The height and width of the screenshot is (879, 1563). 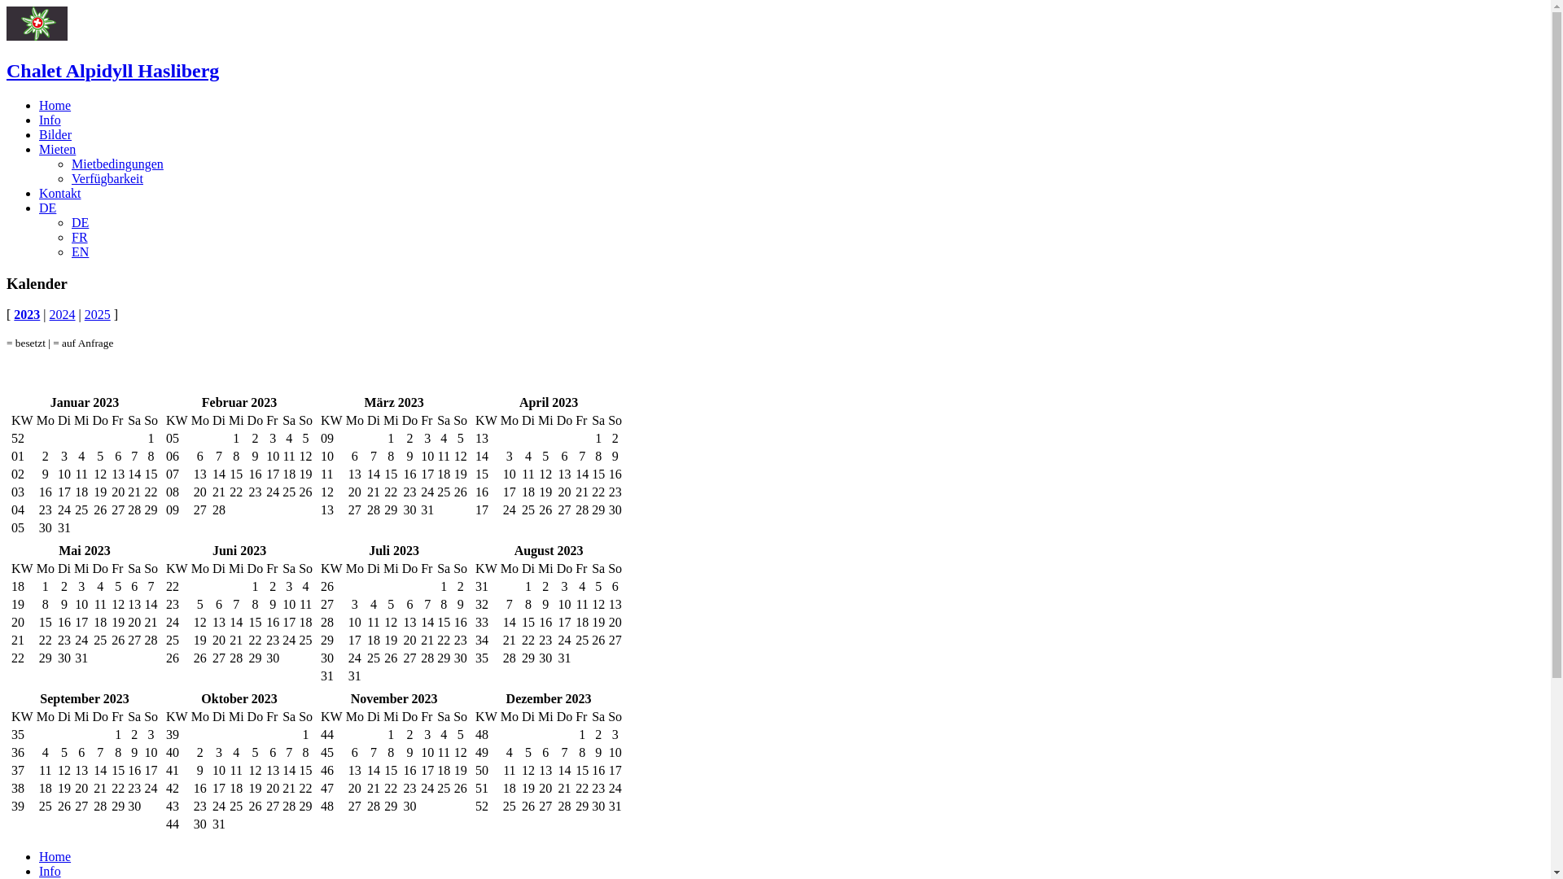 I want to click on 'FR', so click(x=78, y=237).